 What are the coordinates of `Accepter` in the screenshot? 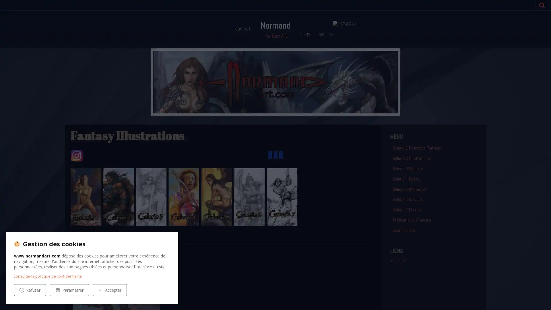 It's located at (110, 290).